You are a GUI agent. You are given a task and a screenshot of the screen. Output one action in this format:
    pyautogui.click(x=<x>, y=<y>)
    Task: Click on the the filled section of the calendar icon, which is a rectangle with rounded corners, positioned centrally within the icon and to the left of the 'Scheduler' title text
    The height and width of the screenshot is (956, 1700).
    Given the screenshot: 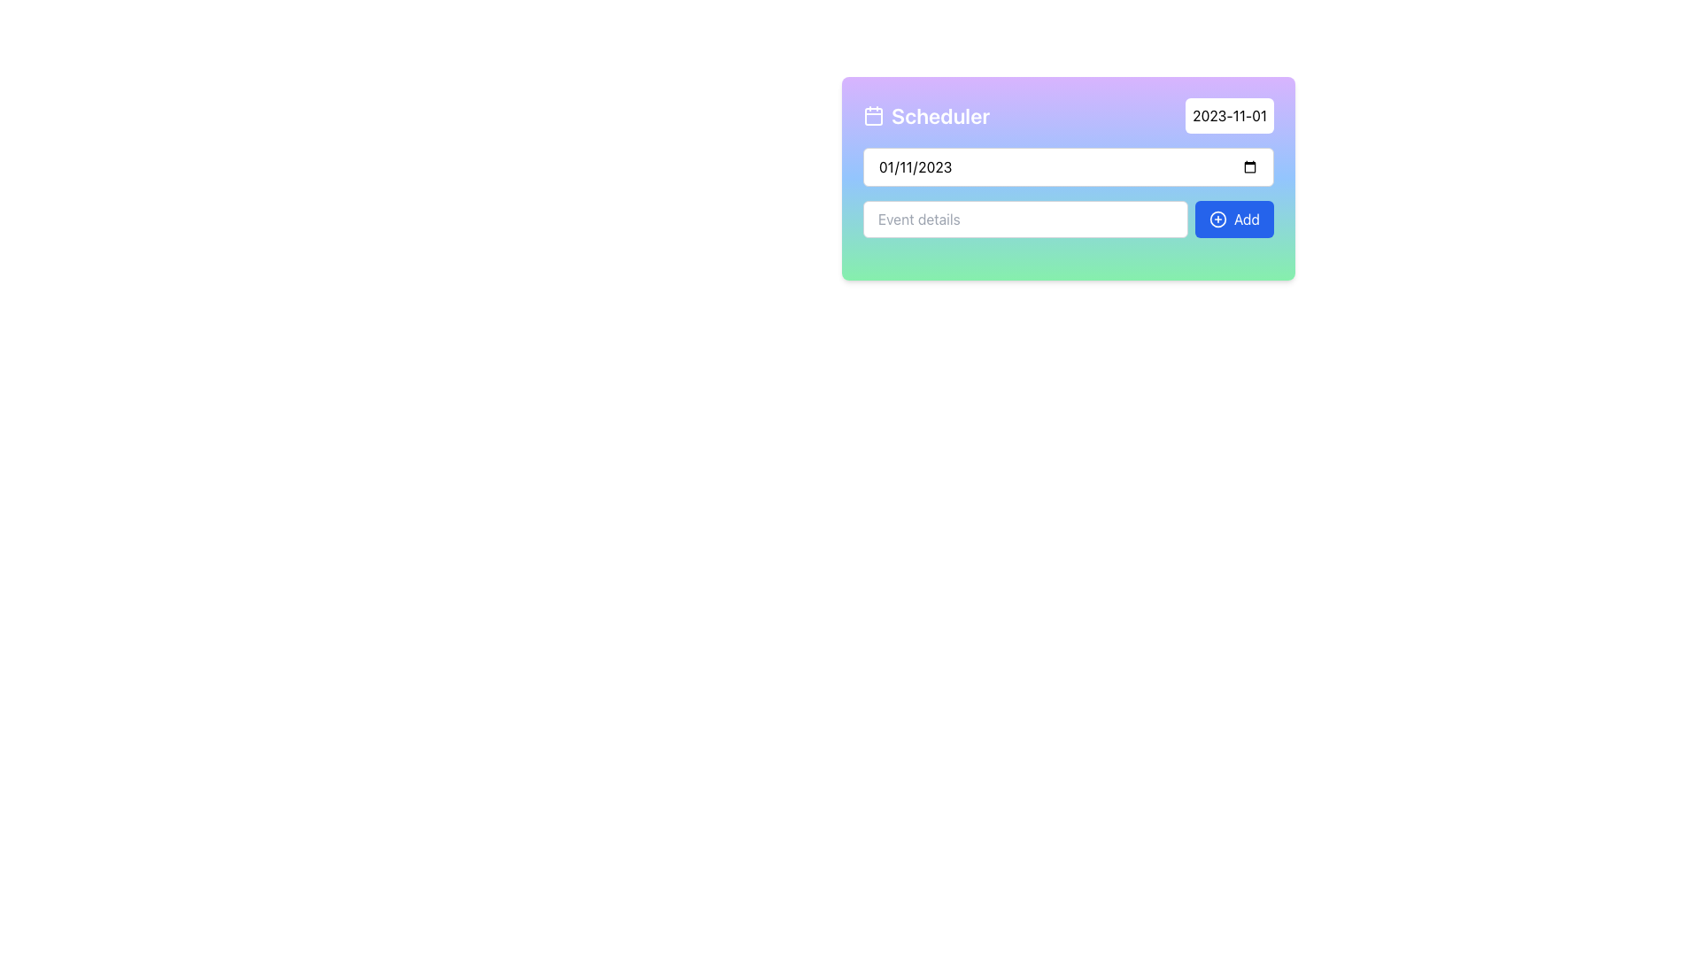 What is the action you would take?
    pyautogui.click(x=874, y=116)
    